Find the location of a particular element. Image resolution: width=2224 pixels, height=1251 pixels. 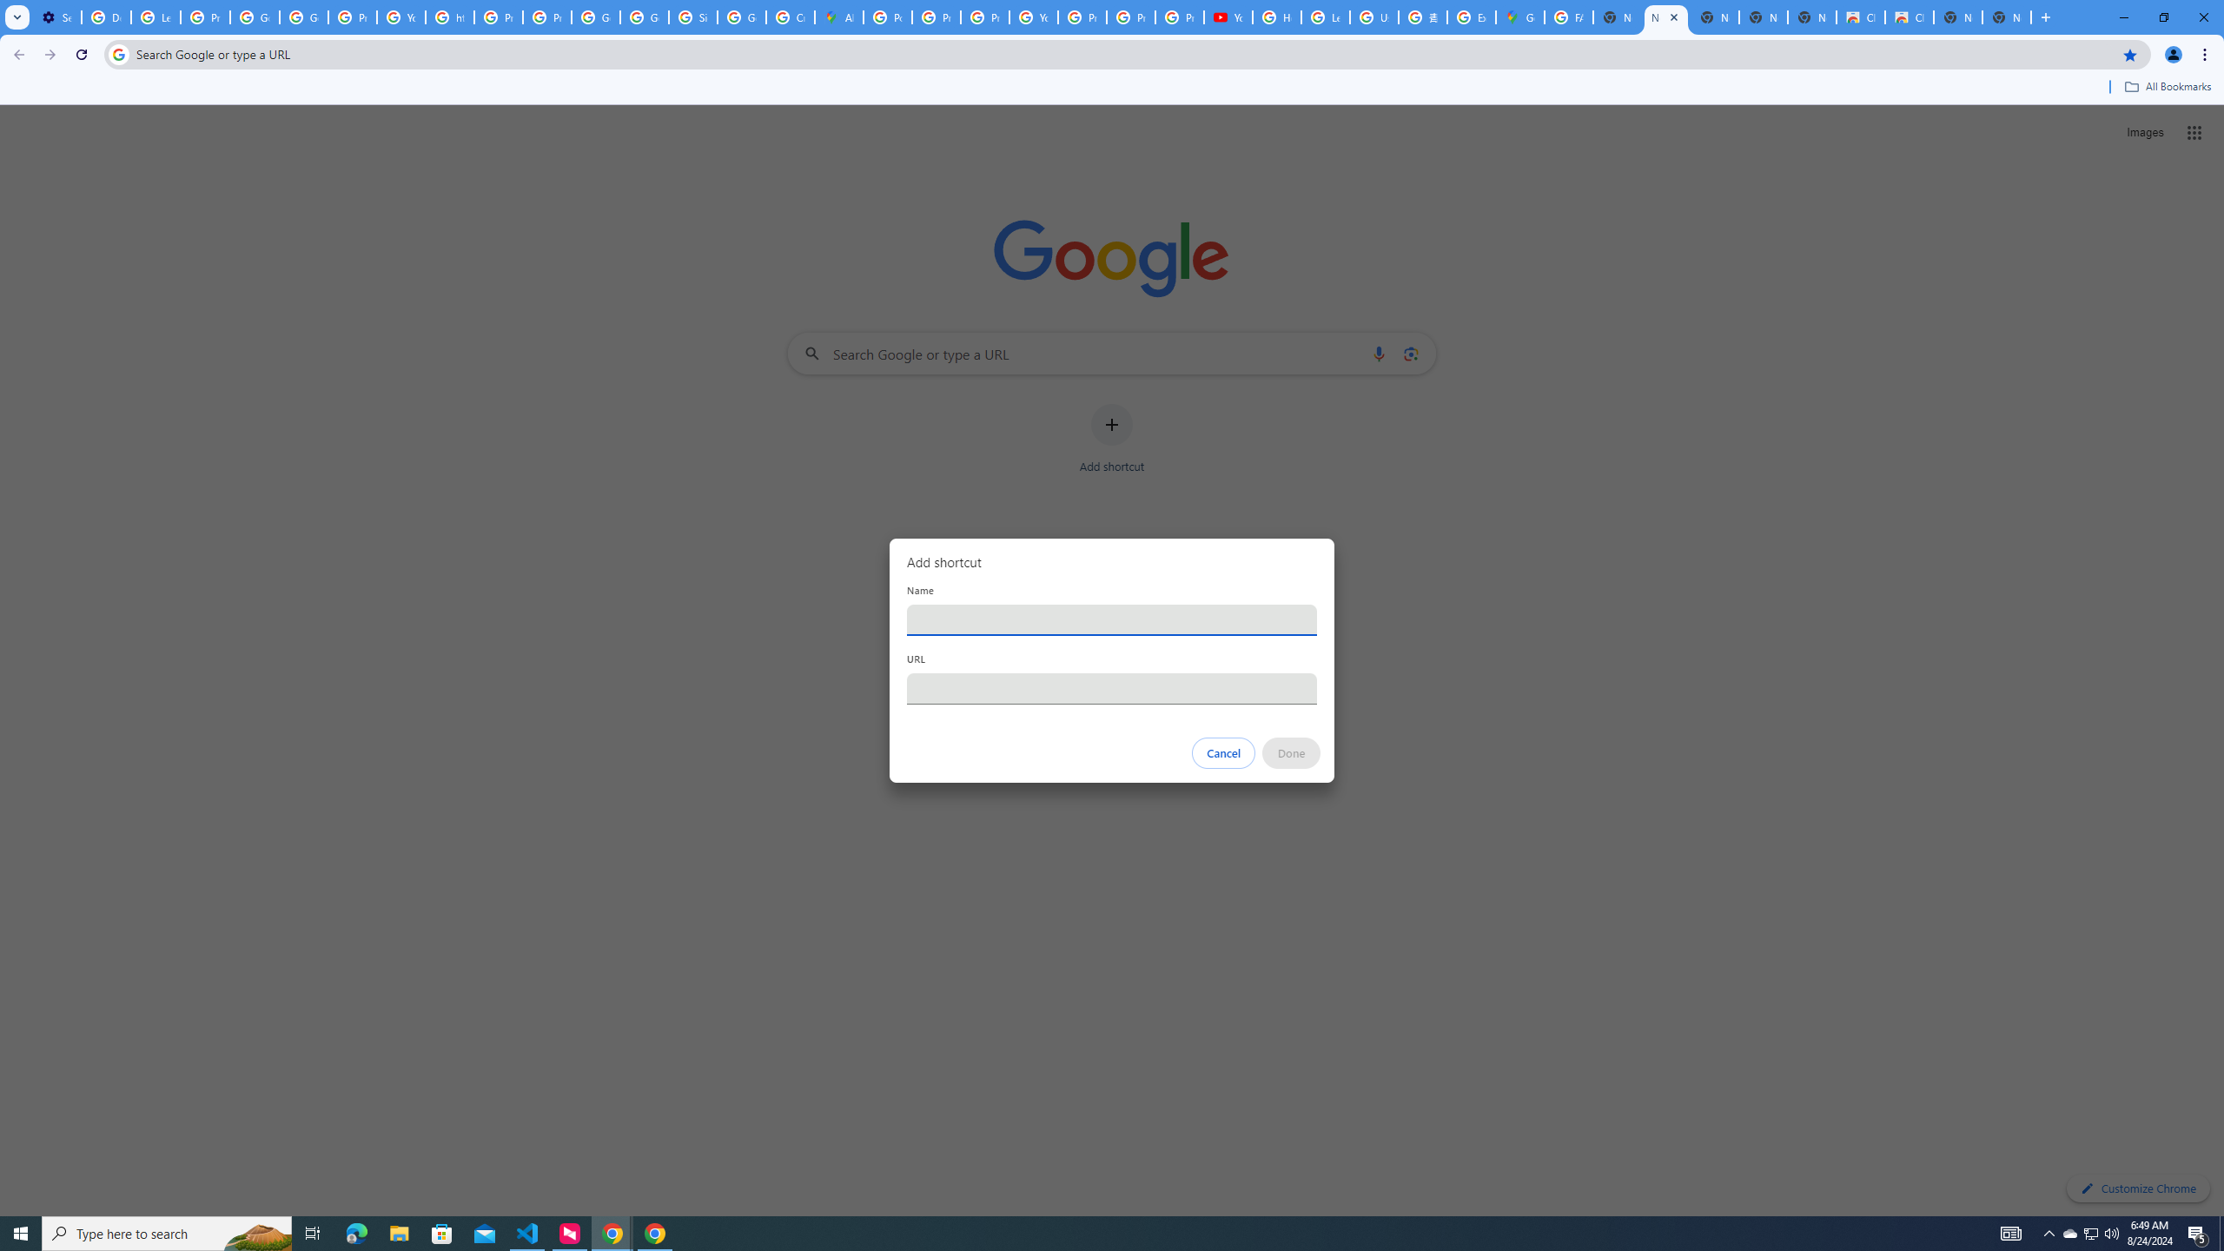

'Explore new street-level details - Google Maps Help' is located at coordinates (1470, 17).